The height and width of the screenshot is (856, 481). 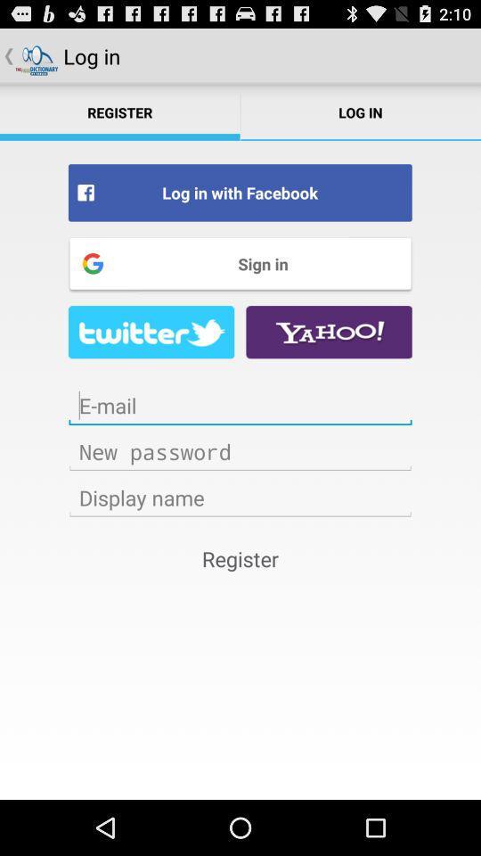 I want to click on the email, so click(x=240, y=406).